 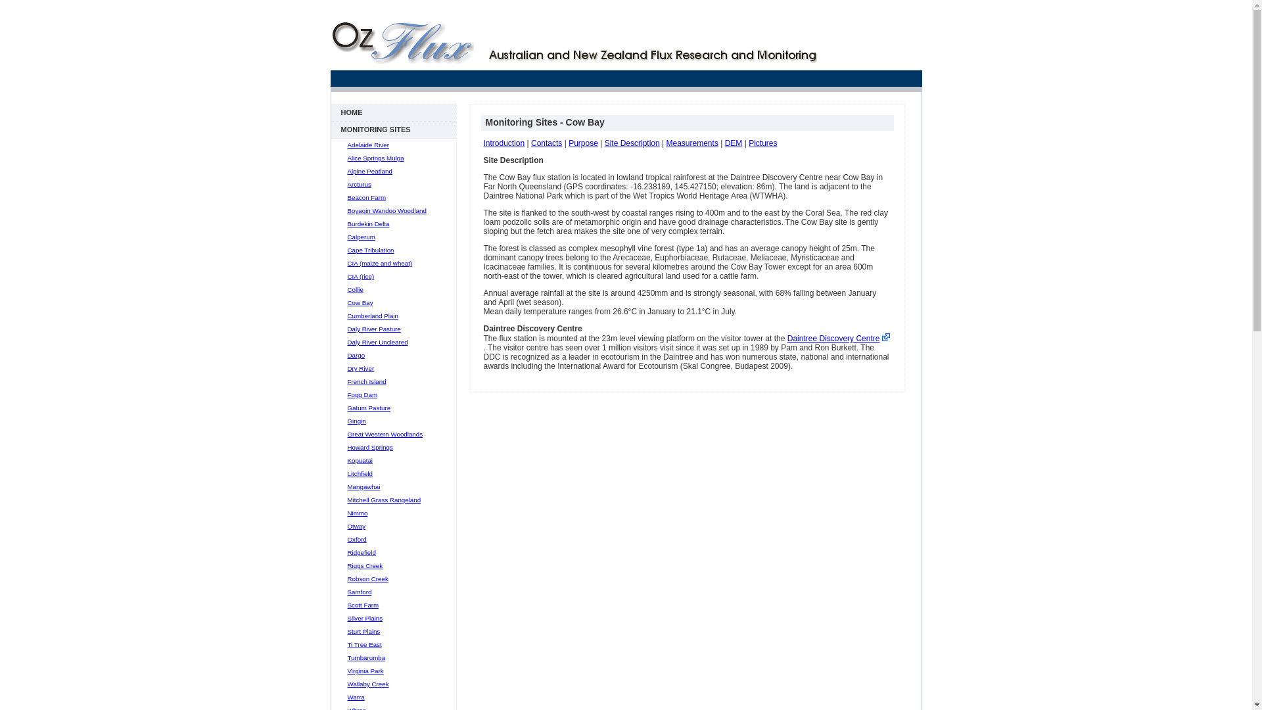 I want to click on 'Measurements', so click(x=666, y=143).